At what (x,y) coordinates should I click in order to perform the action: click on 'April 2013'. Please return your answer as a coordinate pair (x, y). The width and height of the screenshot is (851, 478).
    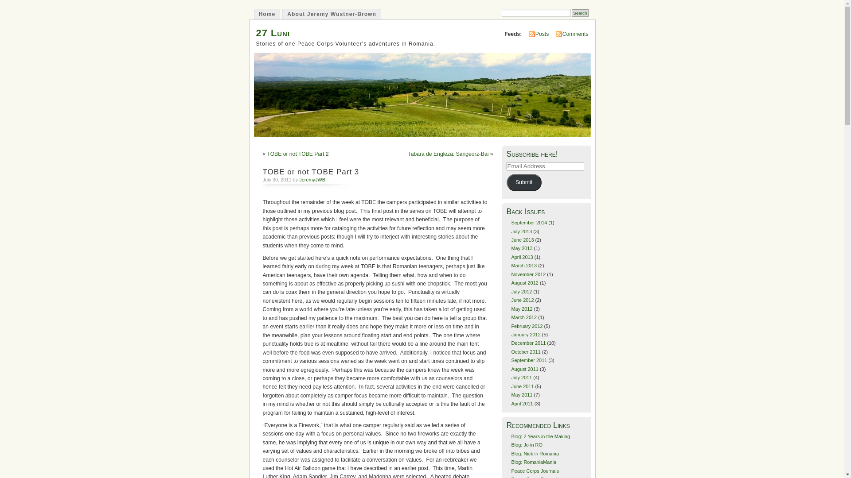
    Looking at the image, I should click on (511, 257).